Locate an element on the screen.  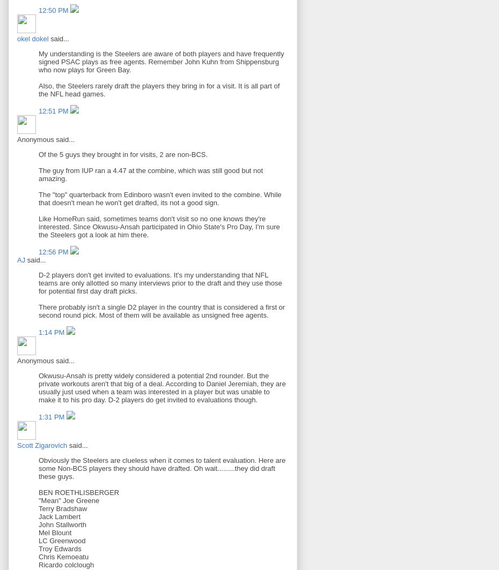
'12:50 PM' is located at coordinates (38, 10).